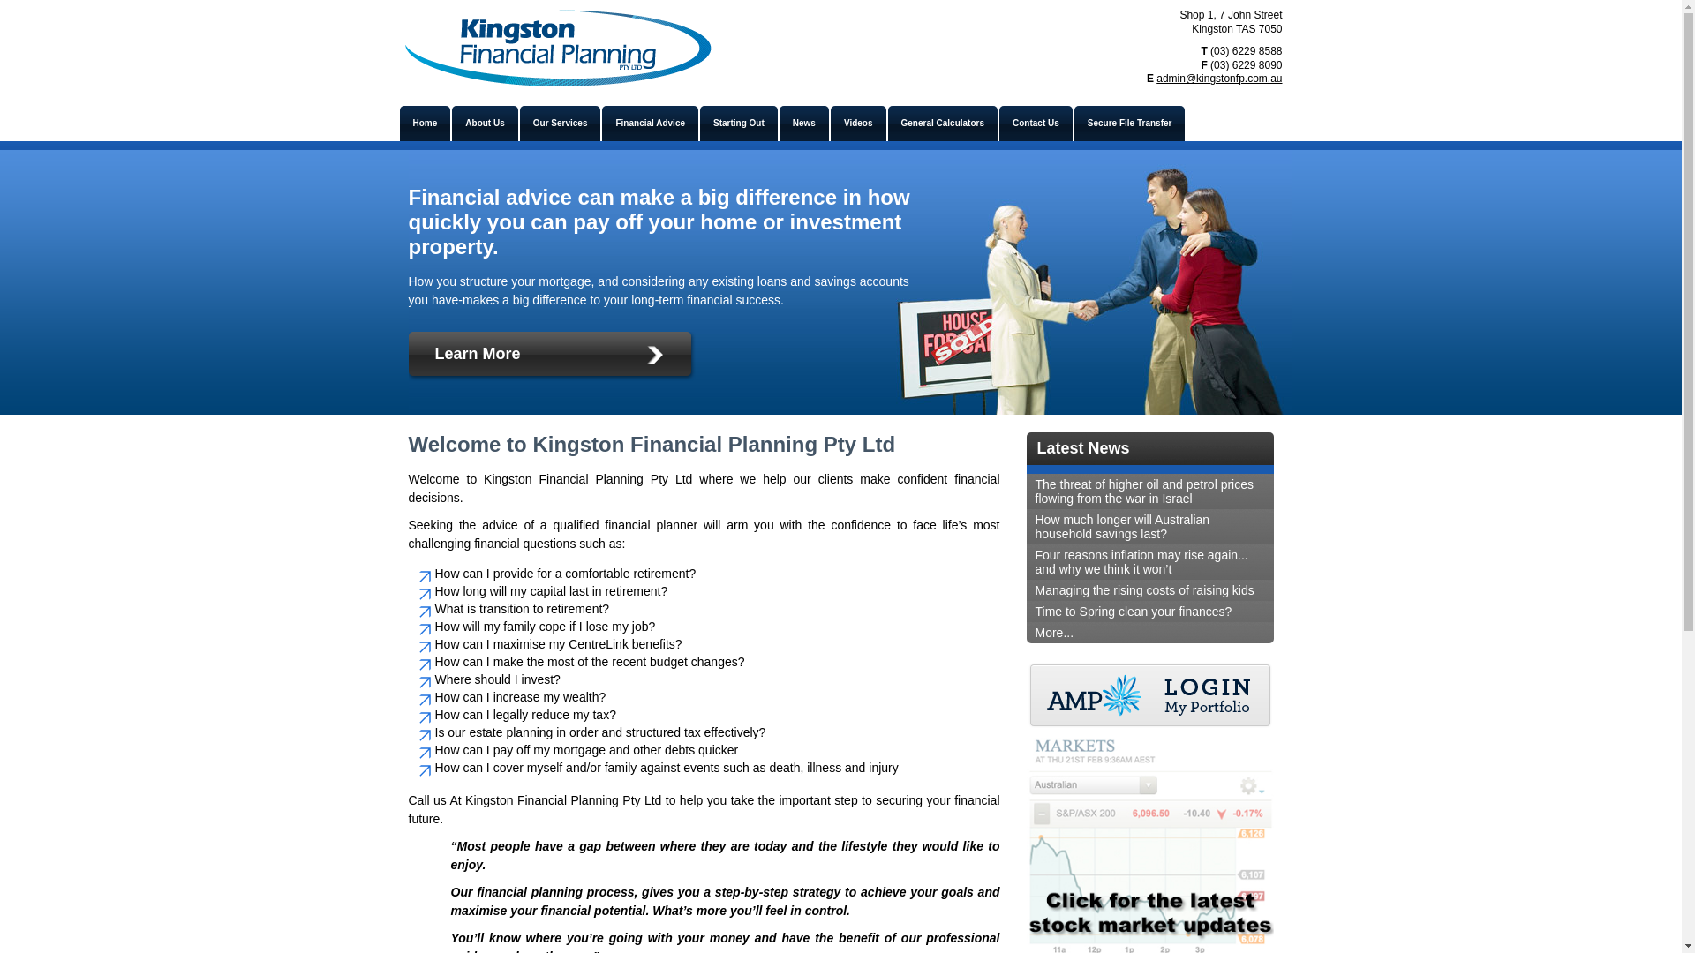 The width and height of the screenshot is (1695, 953). I want to click on 'Videos', so click(858, 122).